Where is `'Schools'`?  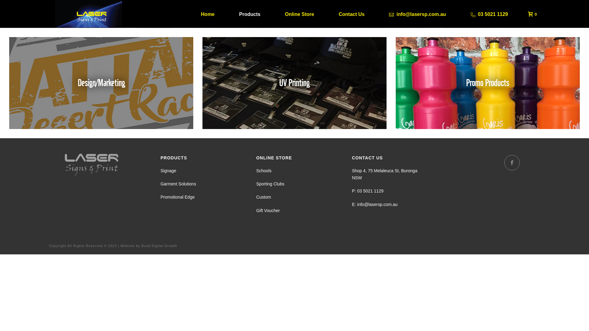 'Schools' is located at coordinates (264, 170).